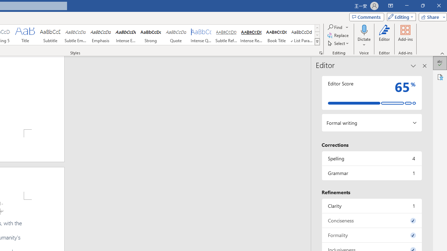 The height and width of the screenshot is (251, 447). Describe the element at coordinates (390, 6) in the screenshot. I see `'Ribbon Display Options'` at that location.